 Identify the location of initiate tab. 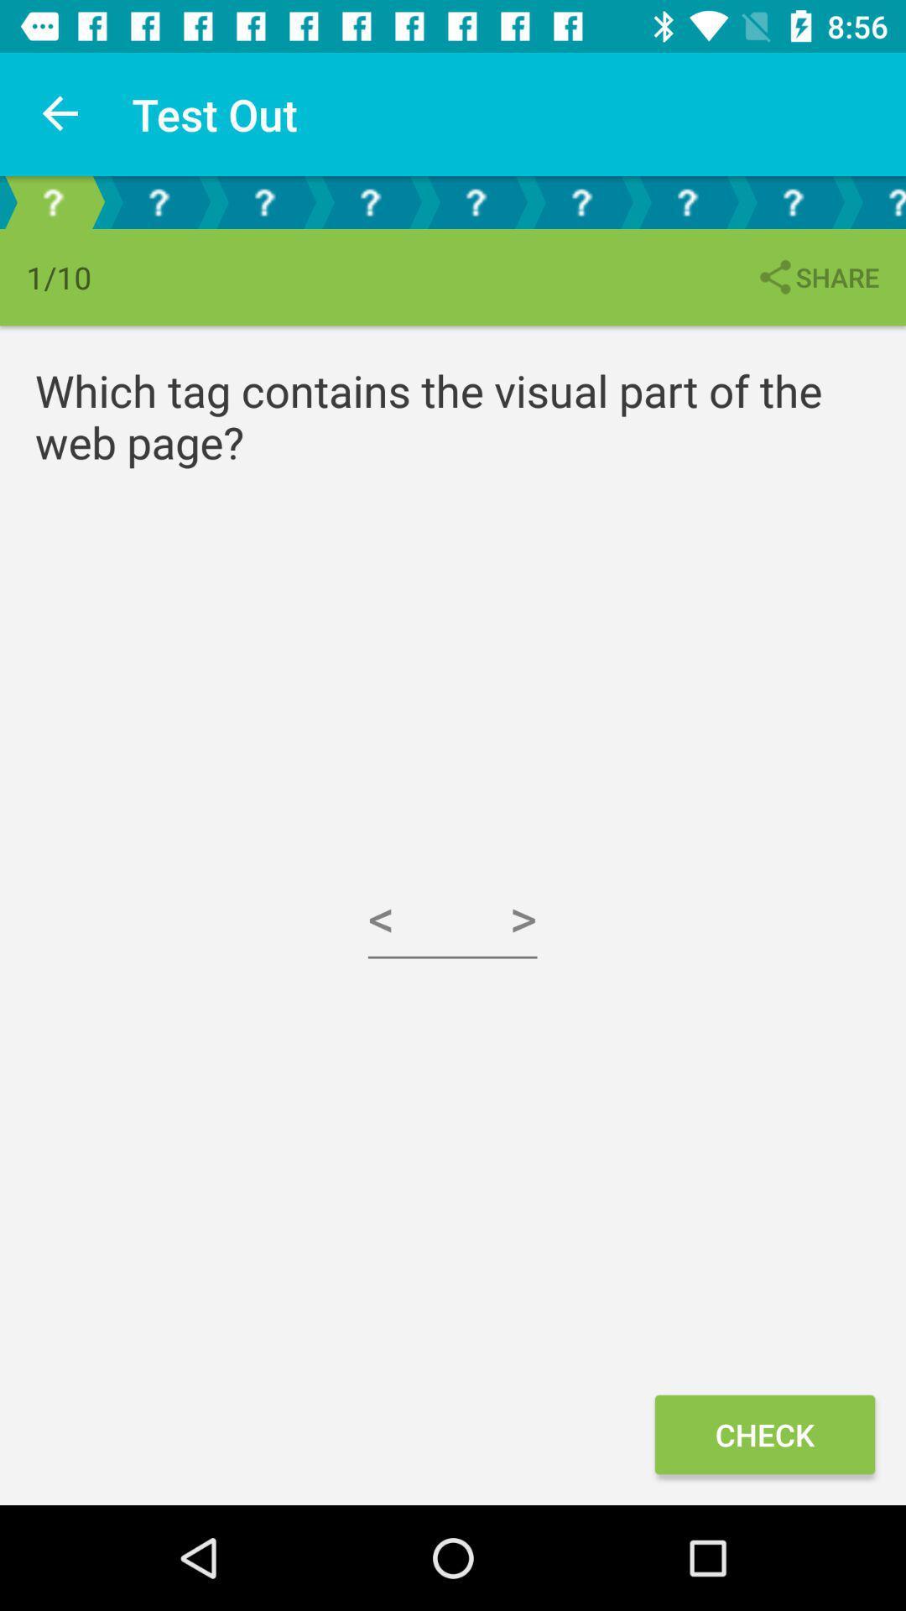
(581, 201).